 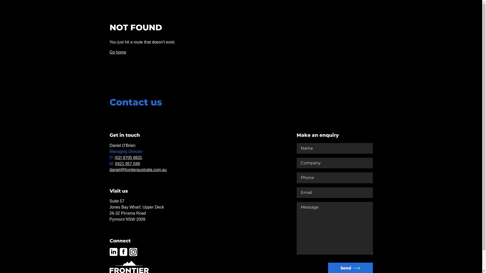 I want to click on '0421 957 048', so click(x=128, y=164).